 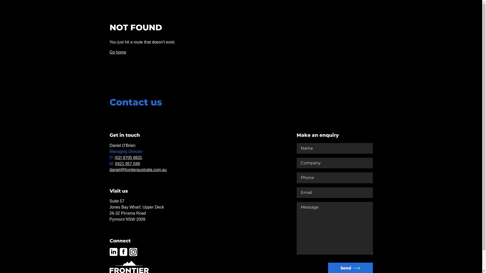 I want to click on '0421 957 048', so click(x=128, y=164).